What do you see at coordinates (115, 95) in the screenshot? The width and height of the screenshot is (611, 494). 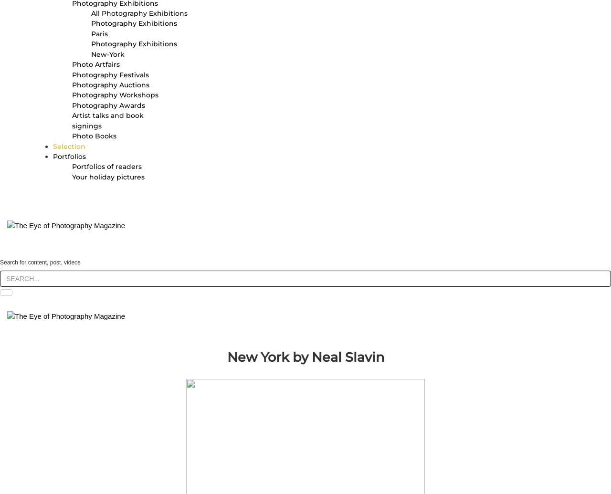 I see `'Photography Workshops'` at bounding box center [115, 95].